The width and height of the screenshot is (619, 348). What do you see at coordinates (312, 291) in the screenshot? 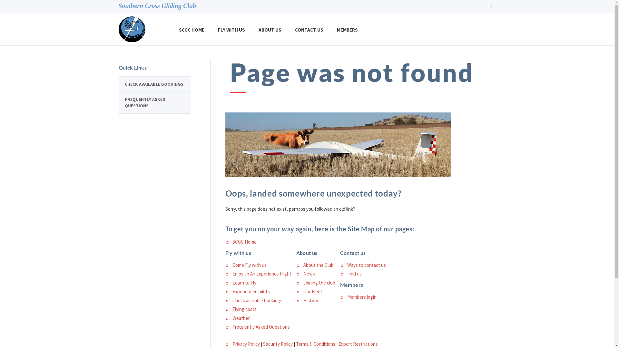
I see `'Our Fleet'` at bounding box center [312, 291].